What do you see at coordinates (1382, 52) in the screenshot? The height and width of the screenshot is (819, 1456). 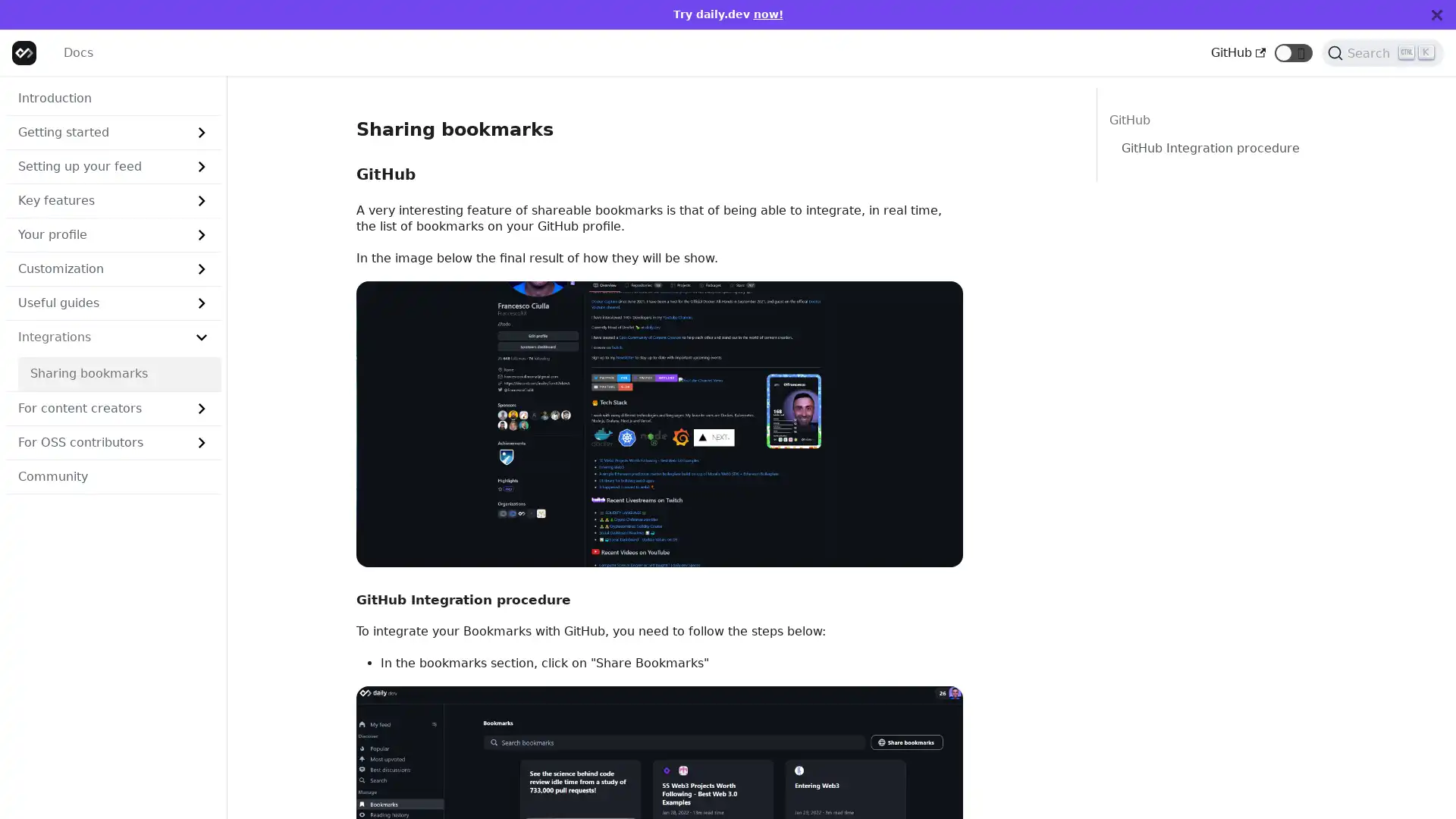 I see `Search` at bounding box center [1382, 52].